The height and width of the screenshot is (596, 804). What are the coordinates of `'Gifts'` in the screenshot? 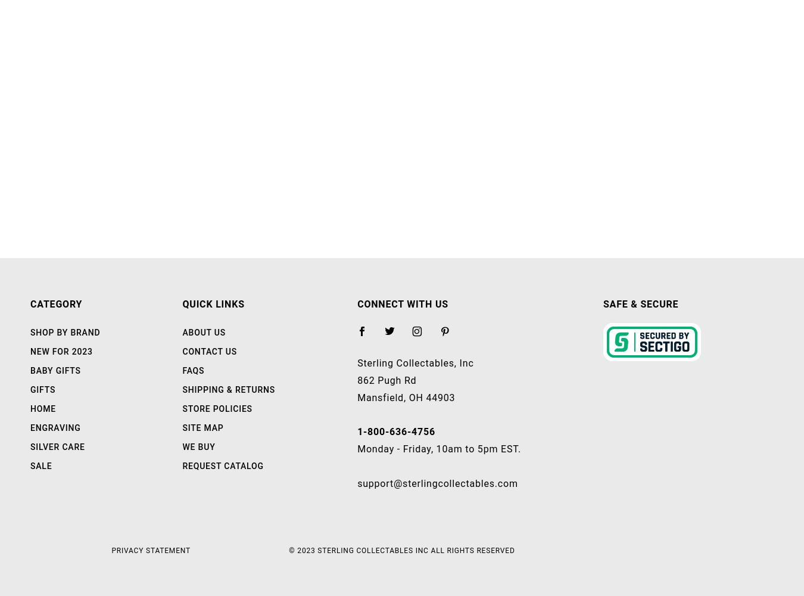 It's located at (42, 390).